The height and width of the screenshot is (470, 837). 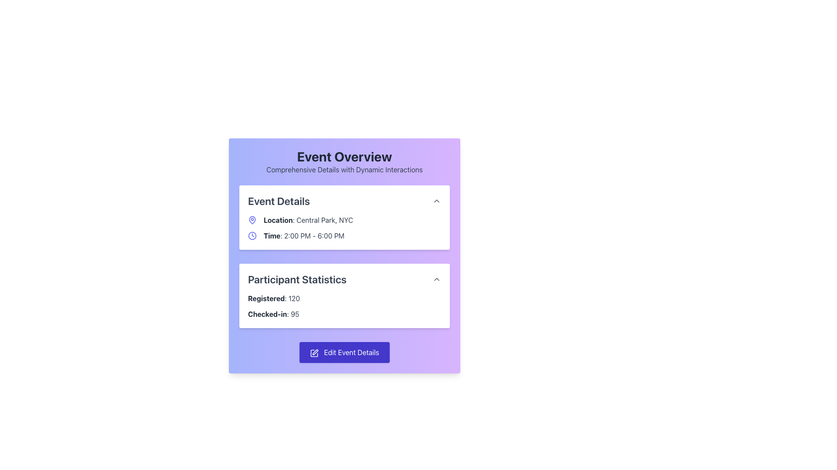 I want to click on the static text label indicating the number of registered participants for the event, located in the participant statistics section below 'Event Details' and above 'Checked-in', so click(x=266, y=298).